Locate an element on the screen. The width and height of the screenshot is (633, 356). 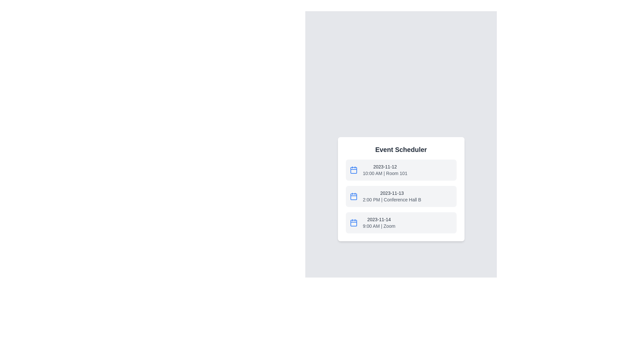
the text label displaying the date '2023-11-13' in the event listing card under 'Event Scheduler' is located at coordinates (392, 193).